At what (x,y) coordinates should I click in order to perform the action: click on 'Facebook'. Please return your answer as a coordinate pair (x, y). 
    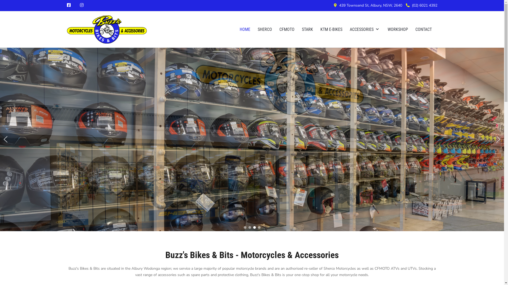
    Looking at the image, I should click on (68, 5).